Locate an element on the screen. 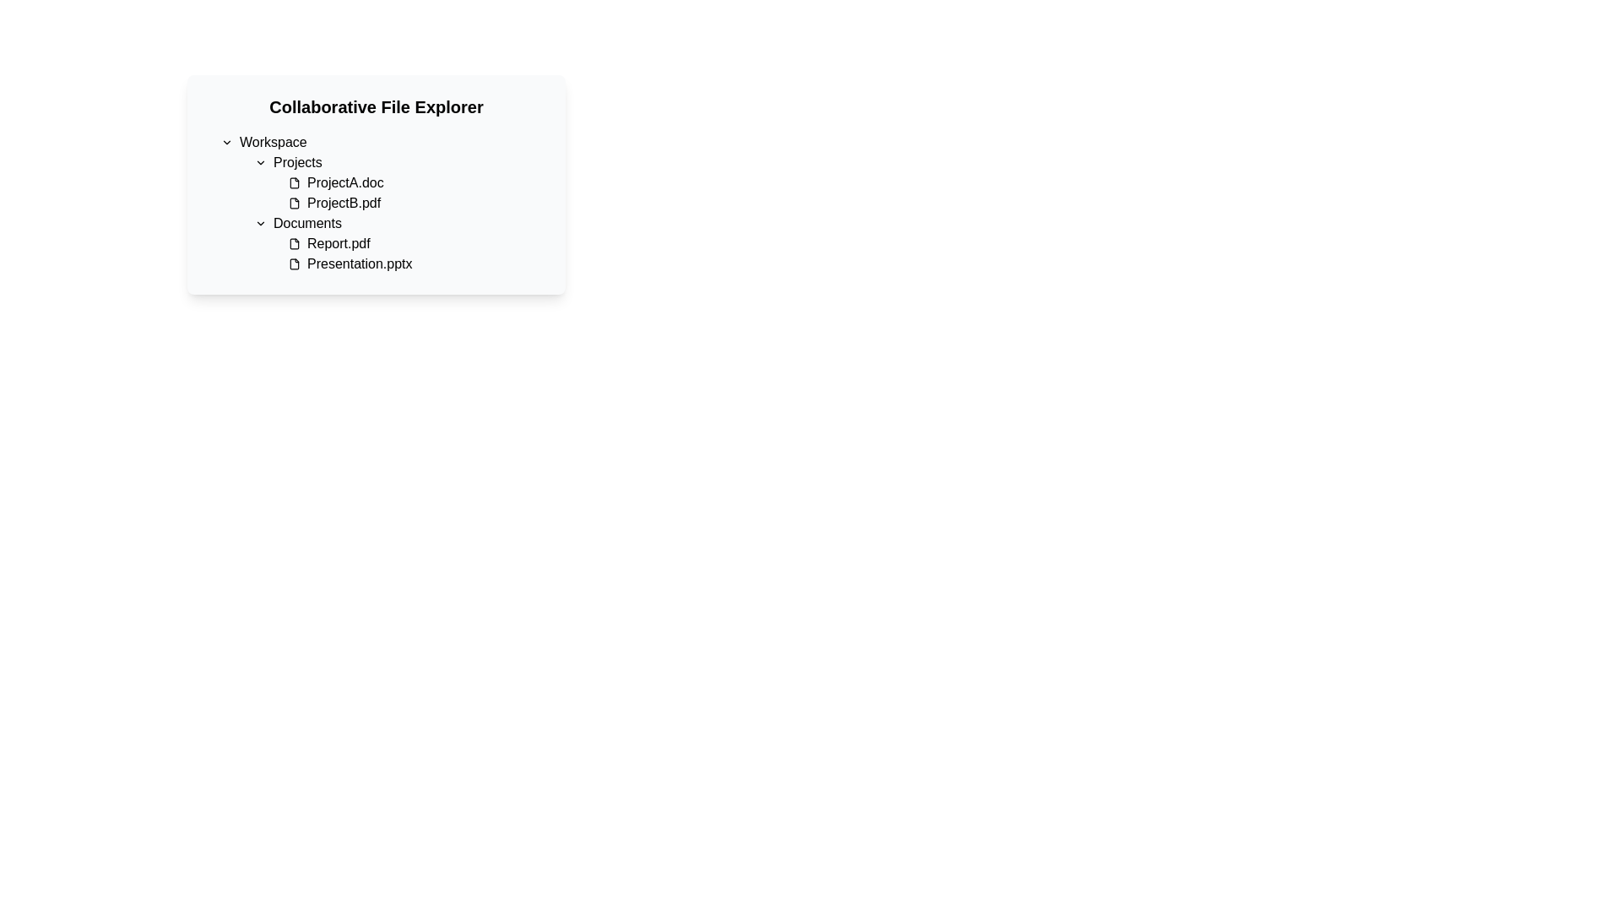 Image resolution: width=1621 pixels, height=912 pixels. the visual representation of the icon resembling a standard file associated with the 'ProjectB.pdf' entry in the file explorer under the 'Projects' section is located at coordinates (295, 202).